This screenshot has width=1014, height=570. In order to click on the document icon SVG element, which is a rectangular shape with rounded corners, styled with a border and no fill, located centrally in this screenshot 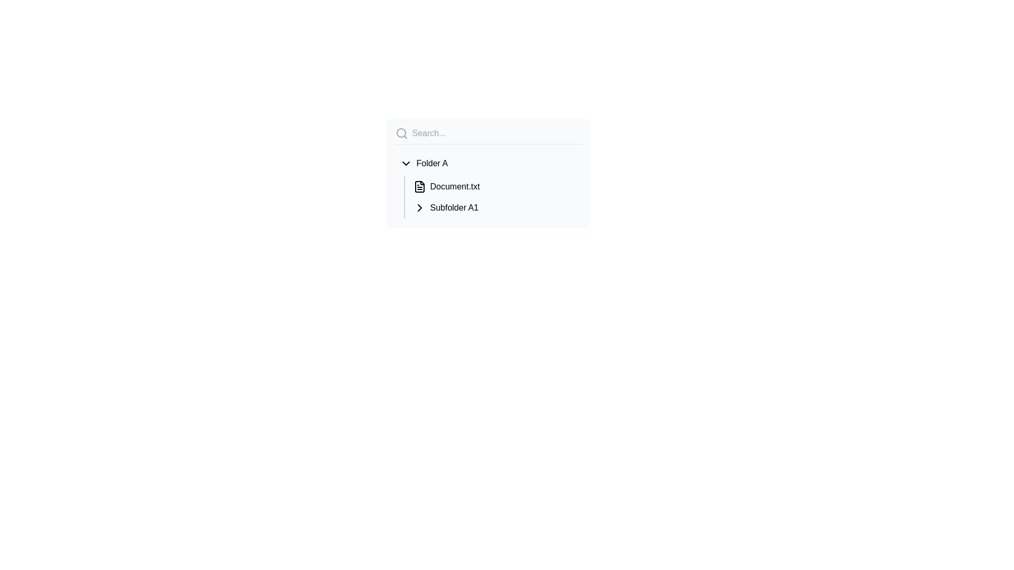, I will do `click(419, 186)`.